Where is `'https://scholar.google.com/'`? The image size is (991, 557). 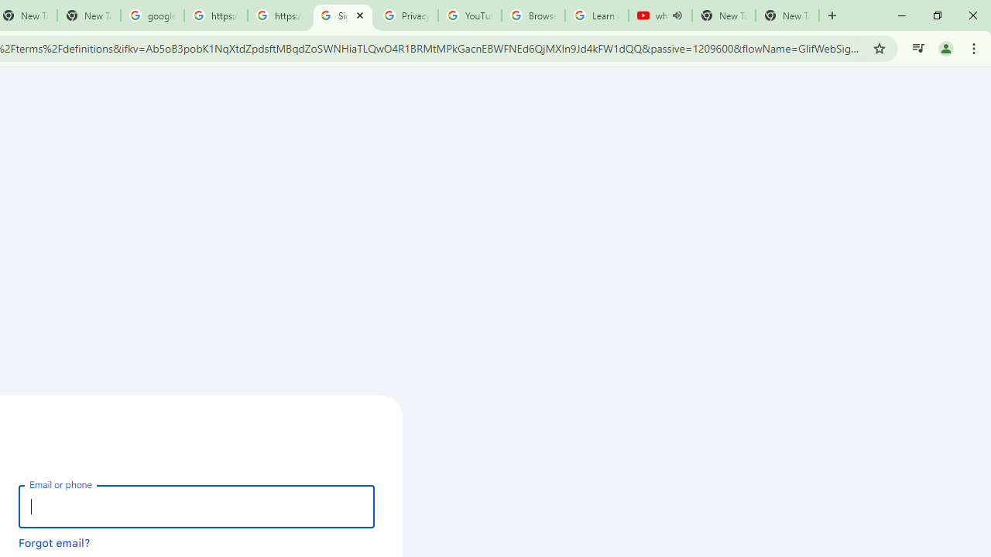
'https://scholar.google.com/' is located at coordinates (279, 15).